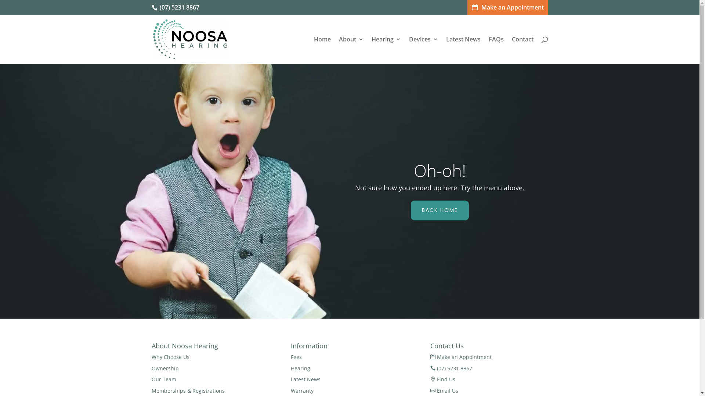  What do you see at coordinates (414, 170) in the screenshot?
I see `'Oh-oh!'` at bounding box center [414, 170].